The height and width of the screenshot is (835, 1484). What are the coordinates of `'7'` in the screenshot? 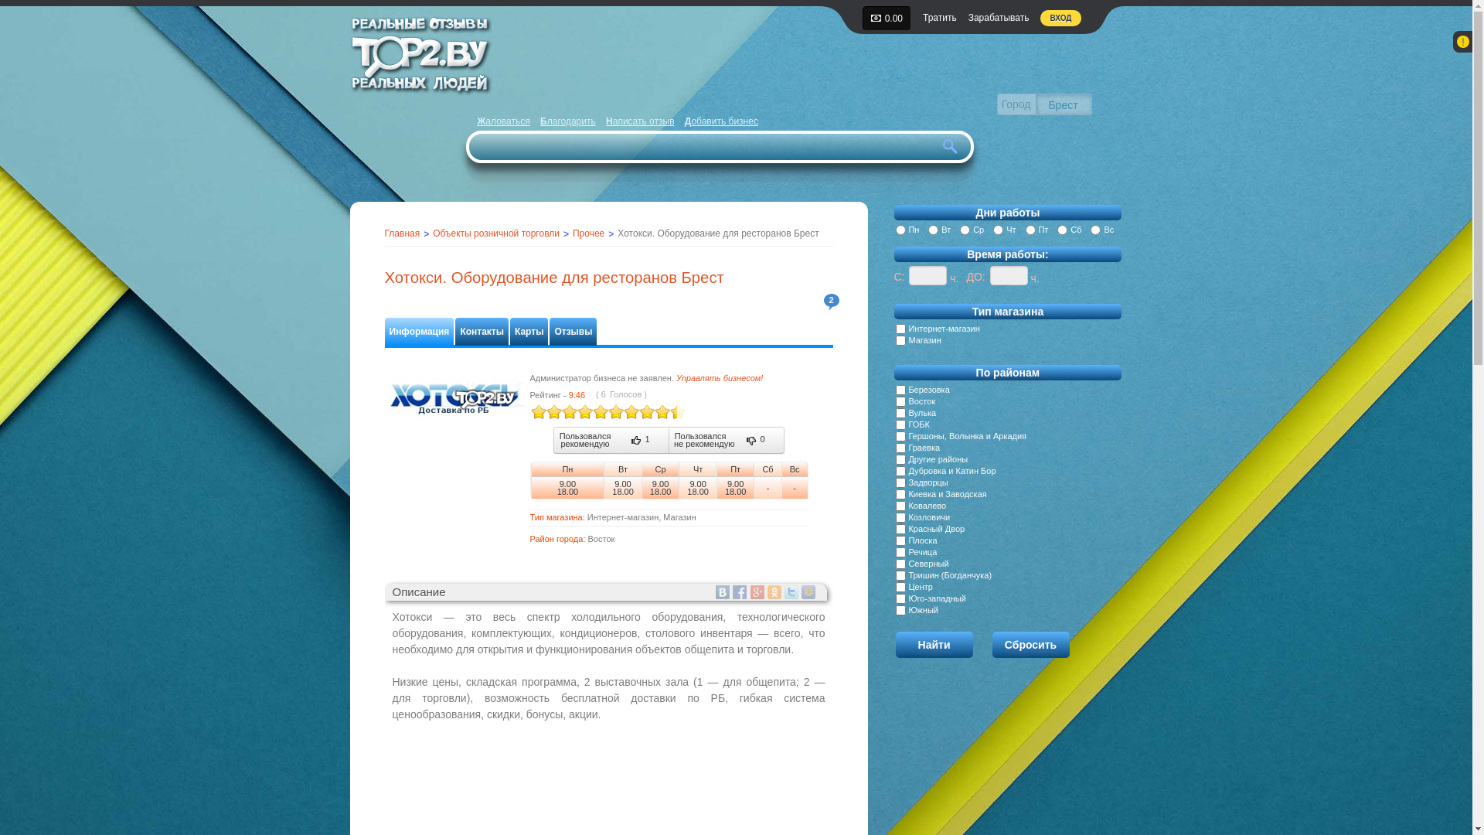 It's located at (584, 411).